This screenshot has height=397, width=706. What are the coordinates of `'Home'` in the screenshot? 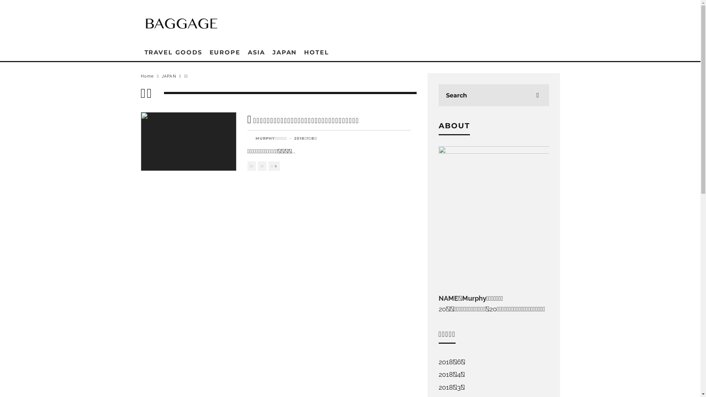 It's located at (147, 76).